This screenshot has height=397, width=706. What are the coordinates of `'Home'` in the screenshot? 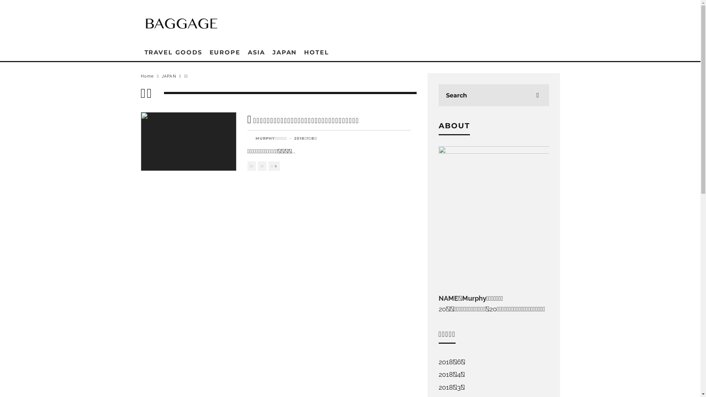 It's located at (147, 76).